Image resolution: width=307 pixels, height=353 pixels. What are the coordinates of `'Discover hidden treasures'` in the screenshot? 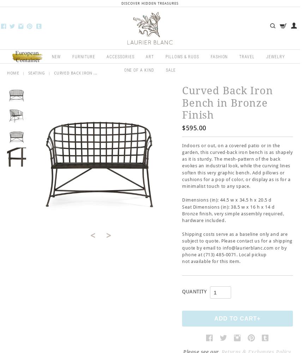 It's located at (150, 3).